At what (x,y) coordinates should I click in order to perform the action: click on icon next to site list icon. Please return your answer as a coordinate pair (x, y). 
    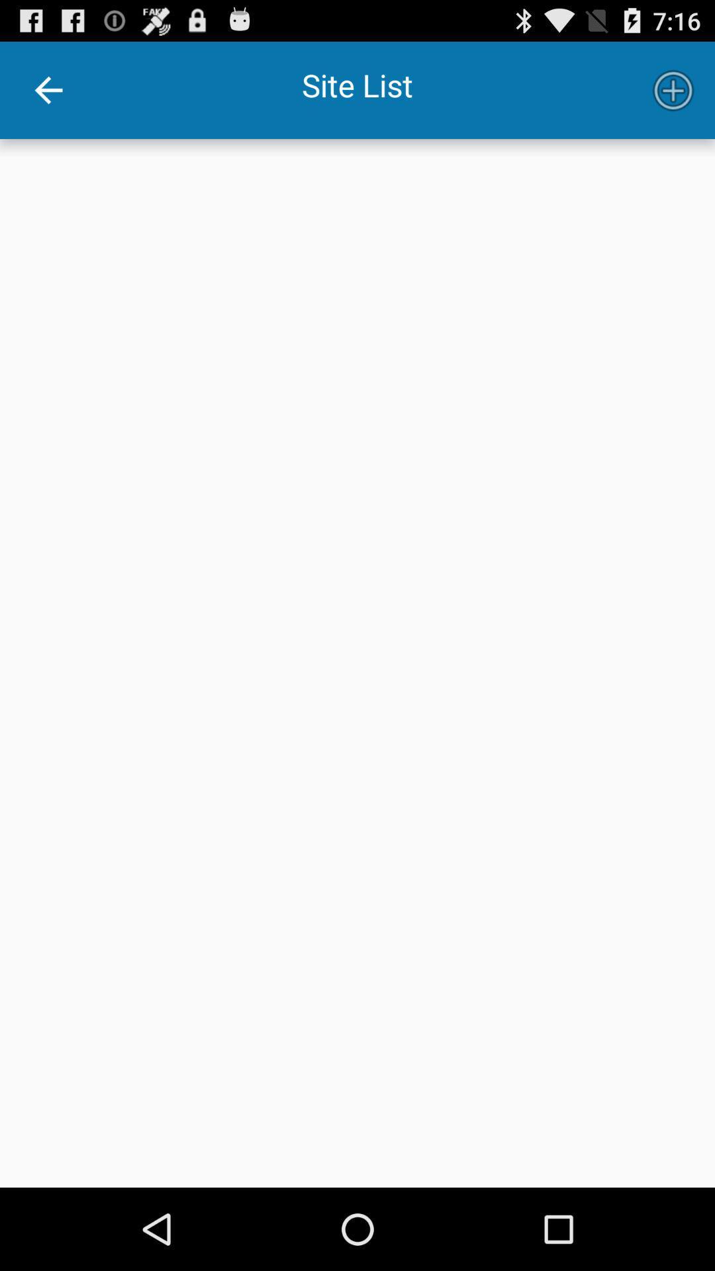
    Looking at the image, I should click on (673, 89).